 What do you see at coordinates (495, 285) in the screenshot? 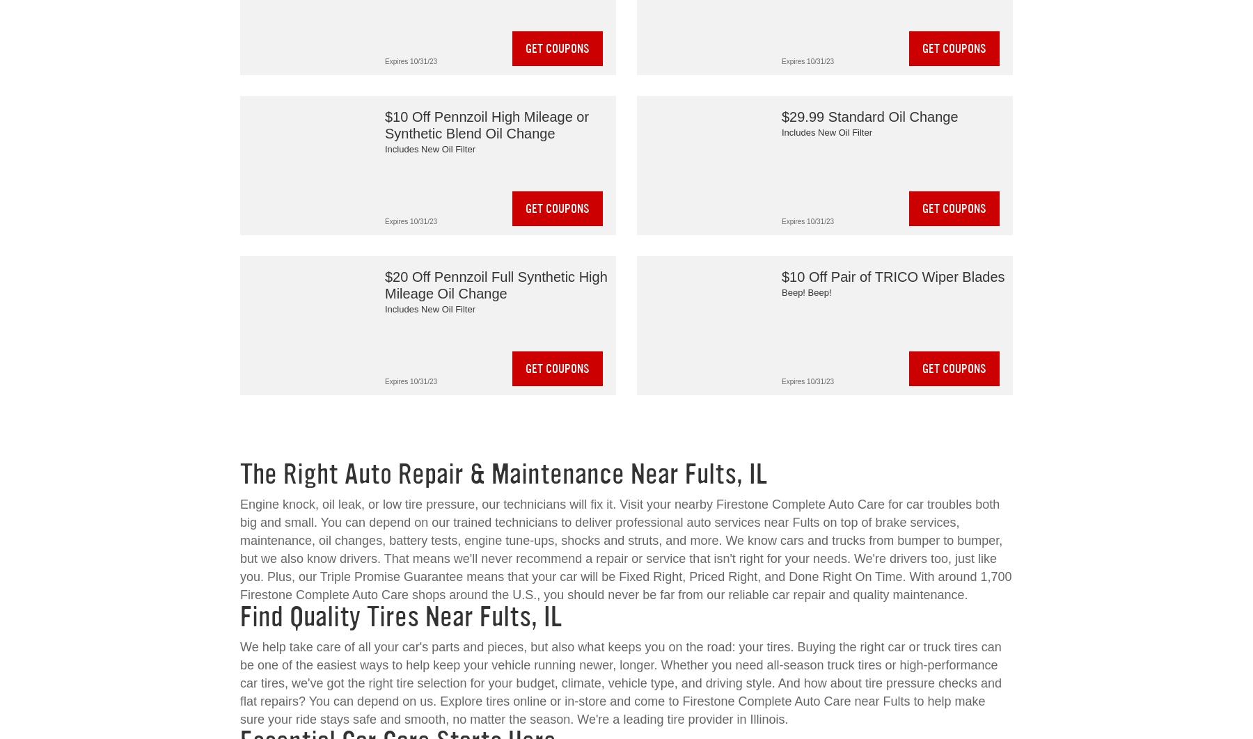
I see `'$20 Off Pennzoil Full Synthetic High Mileage Oil Change'` at bounding box center [495, 285].